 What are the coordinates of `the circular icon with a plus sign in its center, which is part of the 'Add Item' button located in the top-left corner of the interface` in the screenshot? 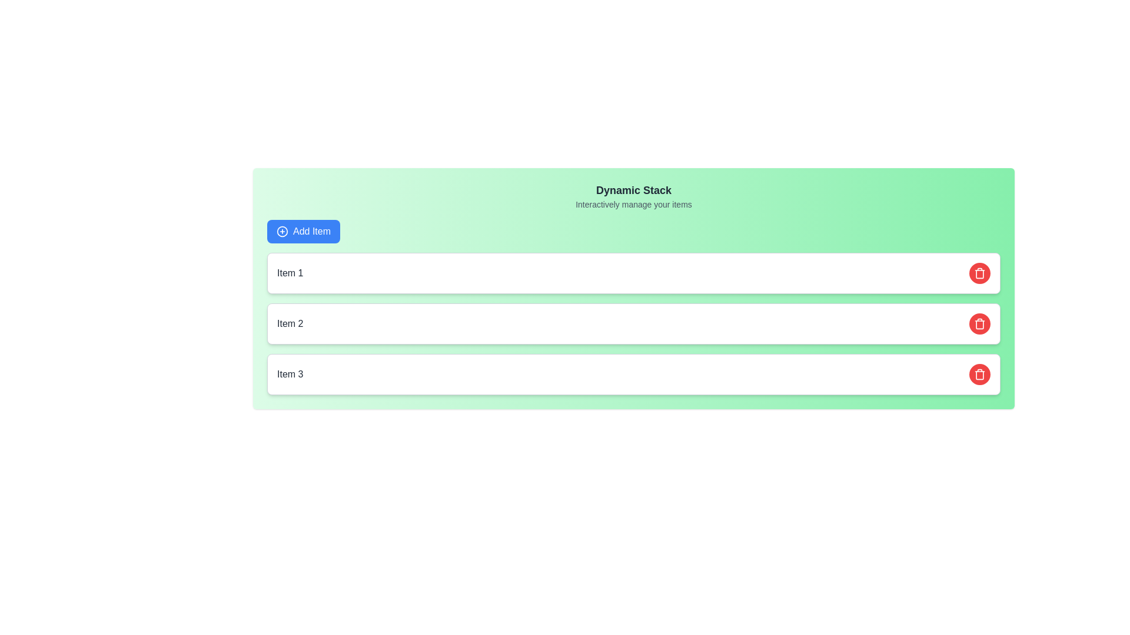 It's located at (282, 231).